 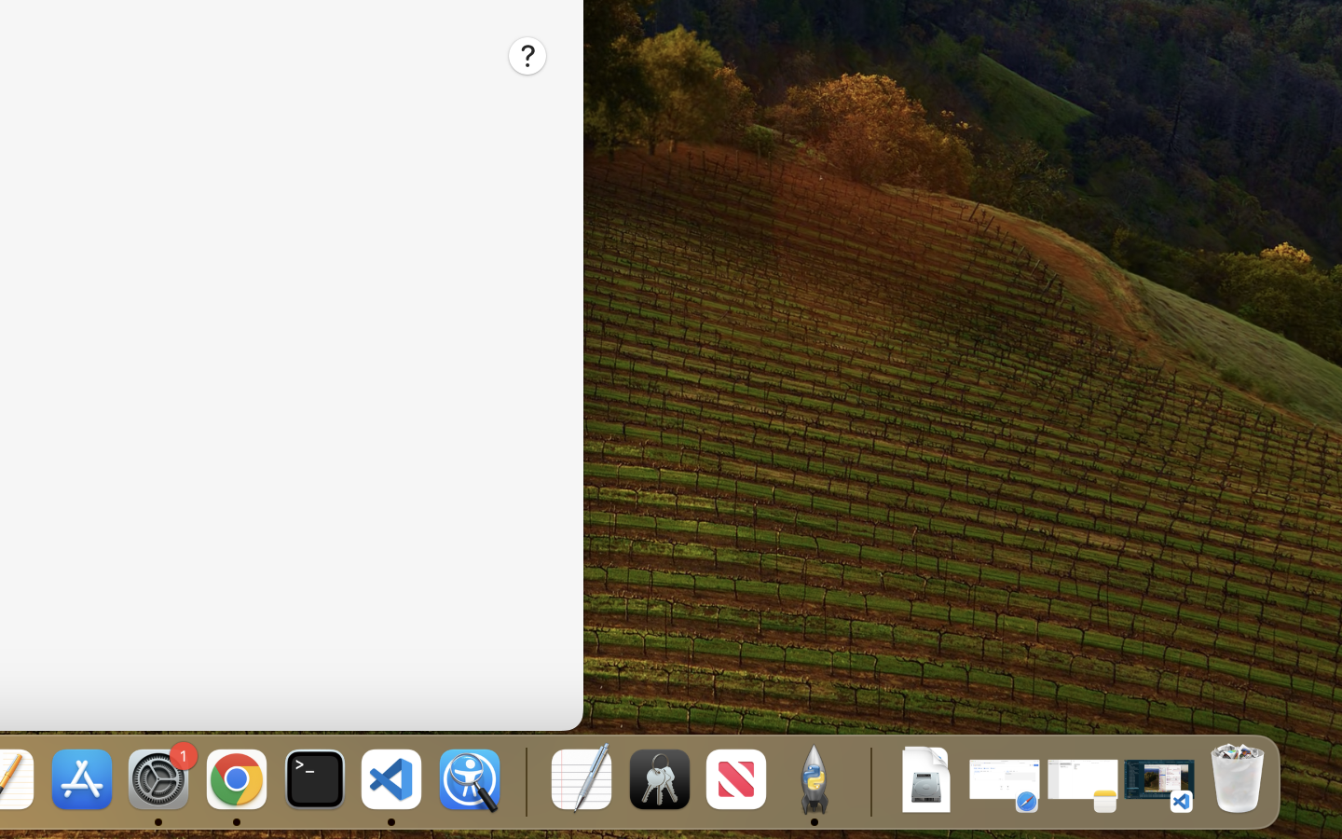 What do you see at coordinates (524, 780) in the screenshot?
I see `'0.4285714328289032'` at bounding box center [524, 780].